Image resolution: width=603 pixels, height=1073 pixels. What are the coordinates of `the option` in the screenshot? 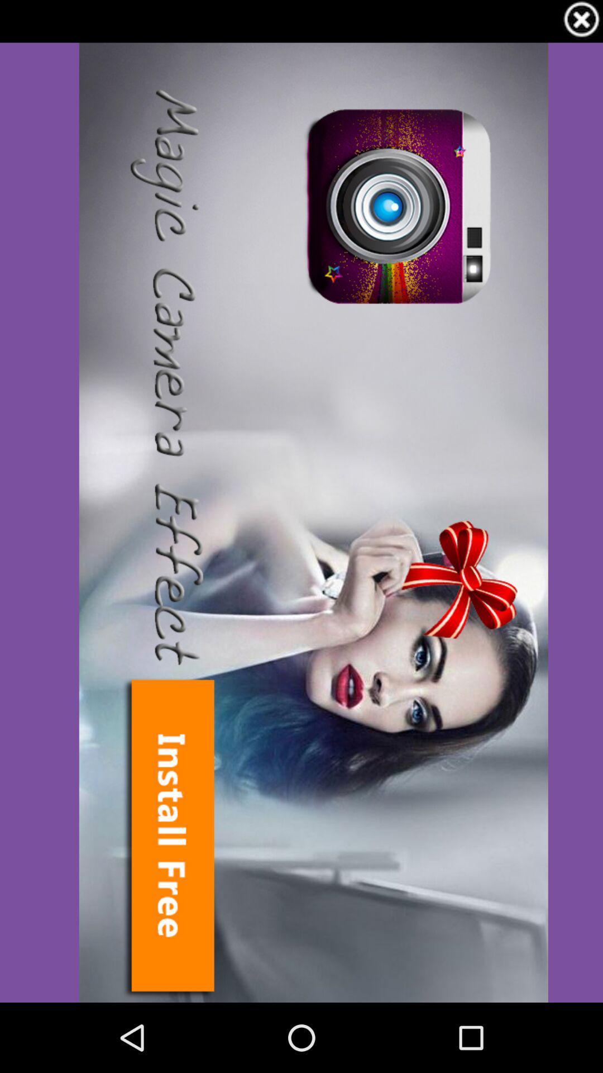 It's located at (581, 21).